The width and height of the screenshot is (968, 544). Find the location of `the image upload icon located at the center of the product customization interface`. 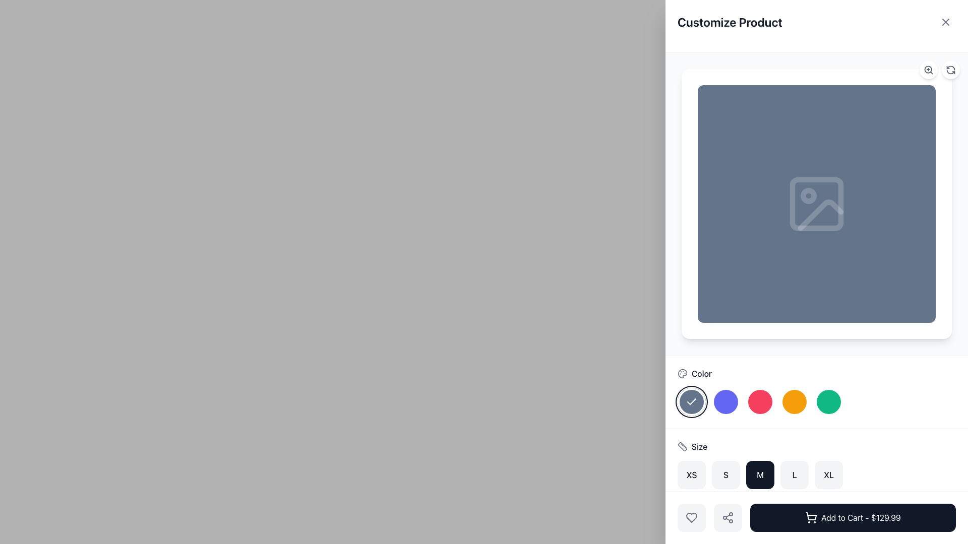

the image upload icon located at the center of the product customization interface is located at coordinates (817, 204).